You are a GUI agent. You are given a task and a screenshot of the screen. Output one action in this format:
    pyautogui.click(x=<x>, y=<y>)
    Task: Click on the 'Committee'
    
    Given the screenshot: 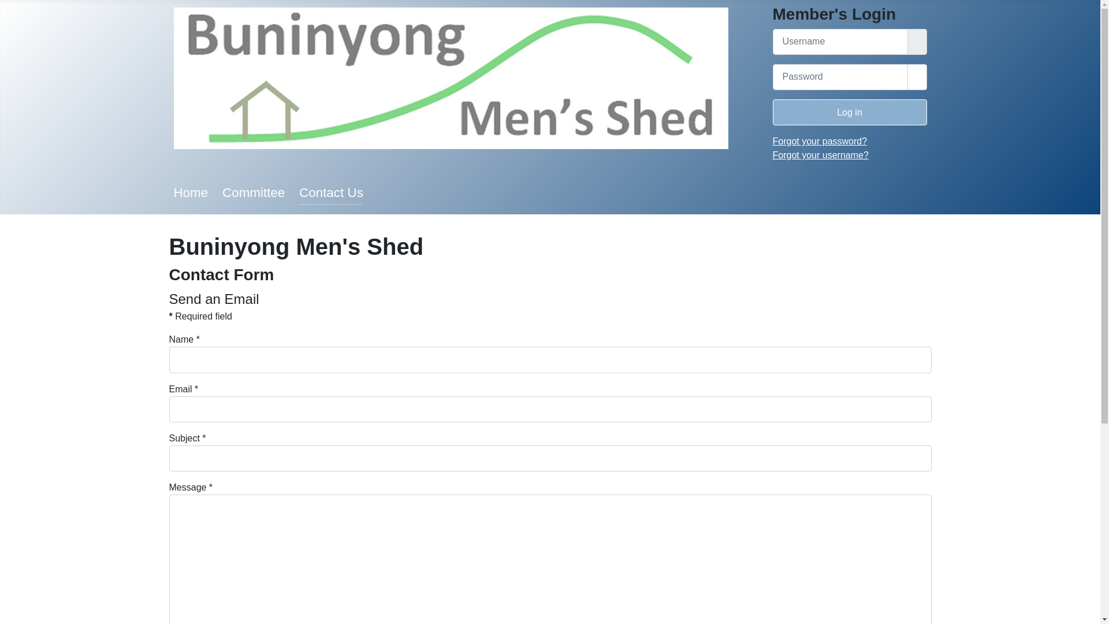 What is the action you would take?
    pyautogui.click(x=222, y=192)
    